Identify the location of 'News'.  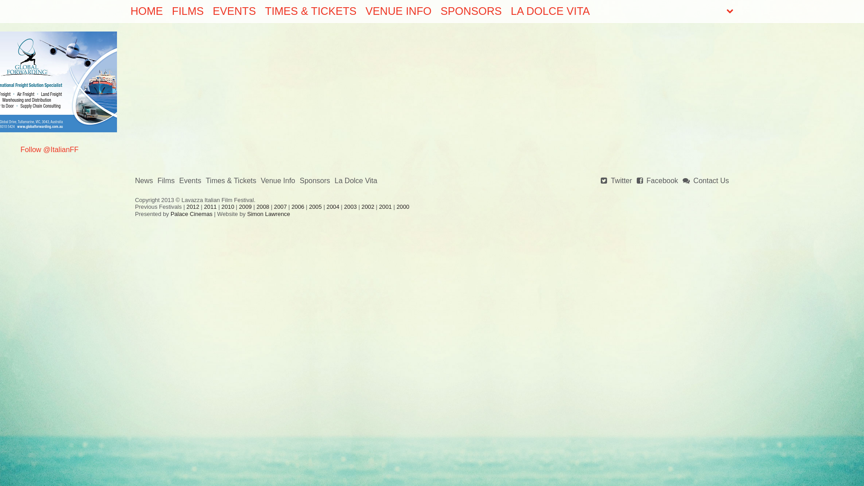
(144, 181).